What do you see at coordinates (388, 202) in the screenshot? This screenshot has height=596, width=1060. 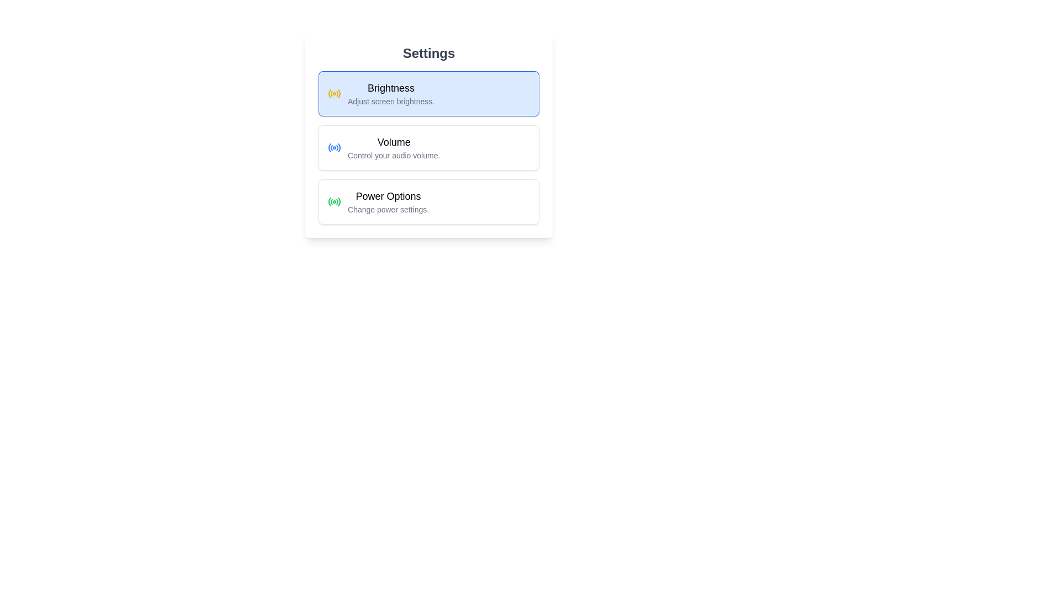 I see `the informational label with dual-line text located below the 'Volume' section in the 'Settings' menu` at bounding box center [388, 202].